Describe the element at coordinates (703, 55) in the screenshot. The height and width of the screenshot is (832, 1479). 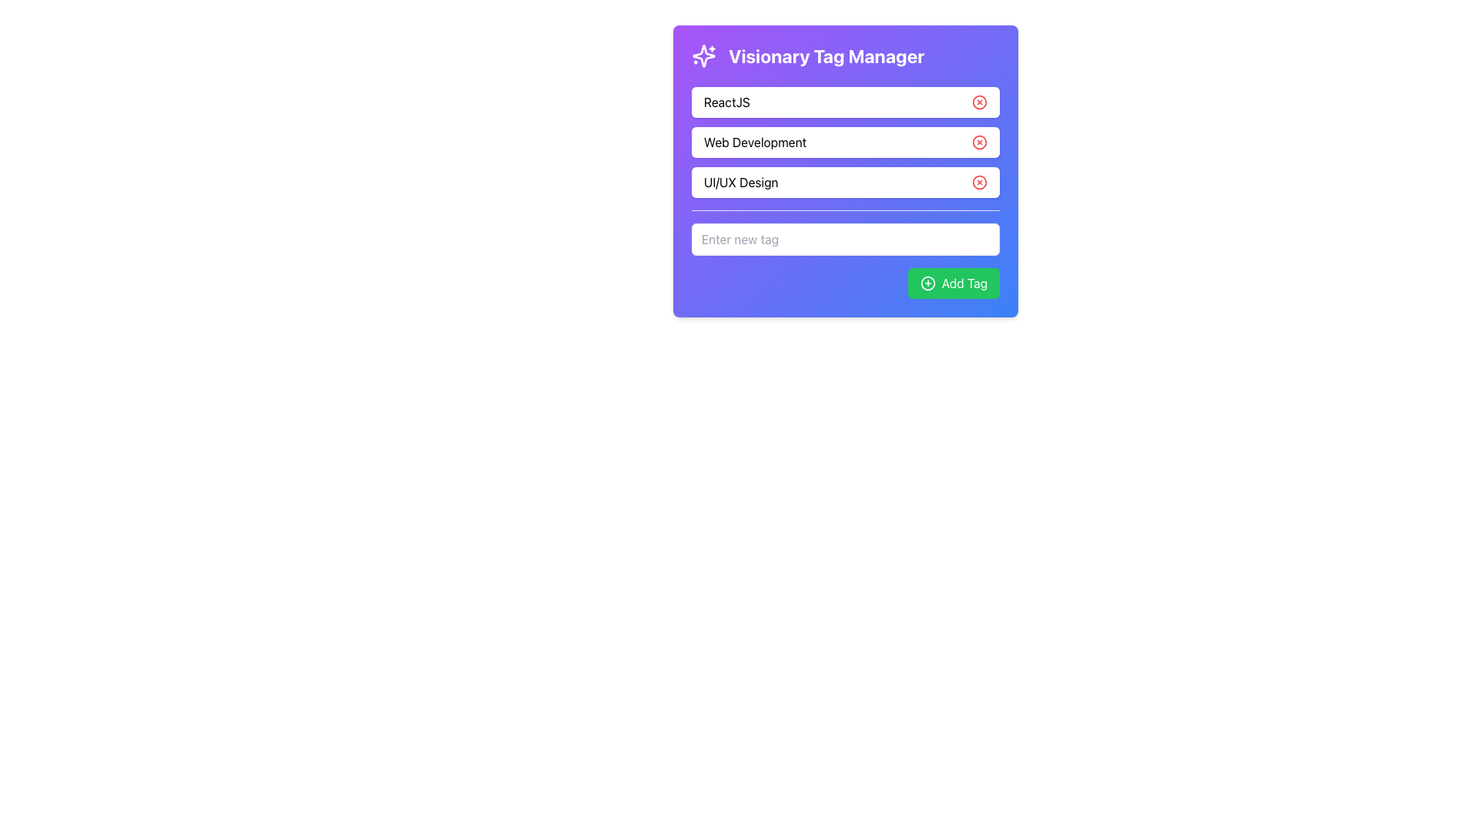
I see `the purple star-shaped icon with sparkles located to the left of the 'Visionary Tag Manager' text in the header of the card` at that location.